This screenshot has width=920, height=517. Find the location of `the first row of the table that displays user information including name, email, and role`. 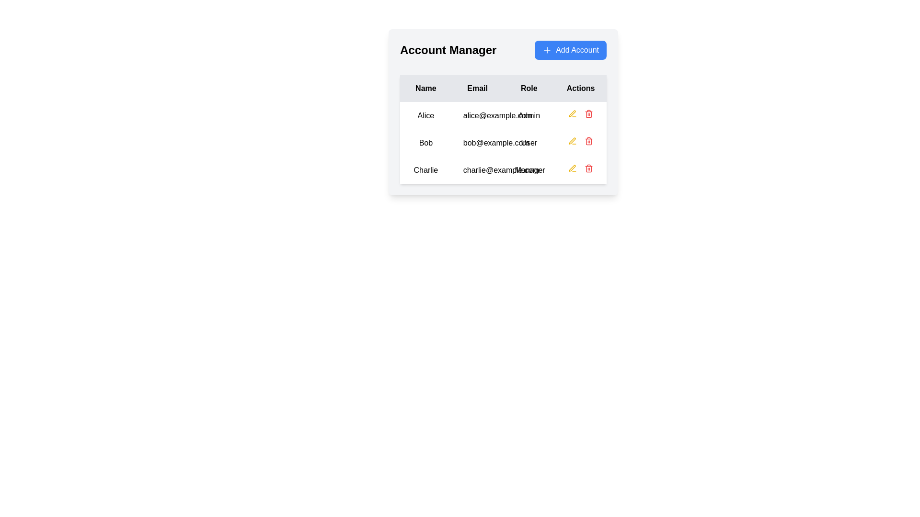

the first row of the table that displays user information including name, email, and role is located at coordinates (503, 115).